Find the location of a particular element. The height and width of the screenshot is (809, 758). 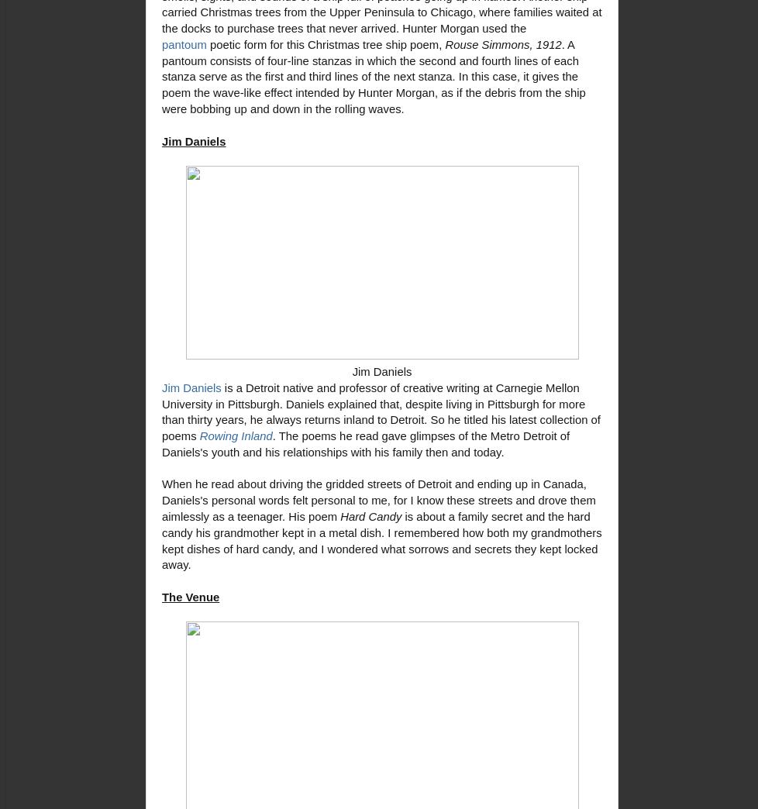

'. A pantoum consists of four-line stanzas in which the second and fourth lines of each stanza serve as the first and third lines of the next stanza. In this case, it gives the poem the wave-like effect intended by Hunter Morgan, as if the debris from the ship were bobbing up and down in the rolling waves.' is located at coordinates (372, 76).